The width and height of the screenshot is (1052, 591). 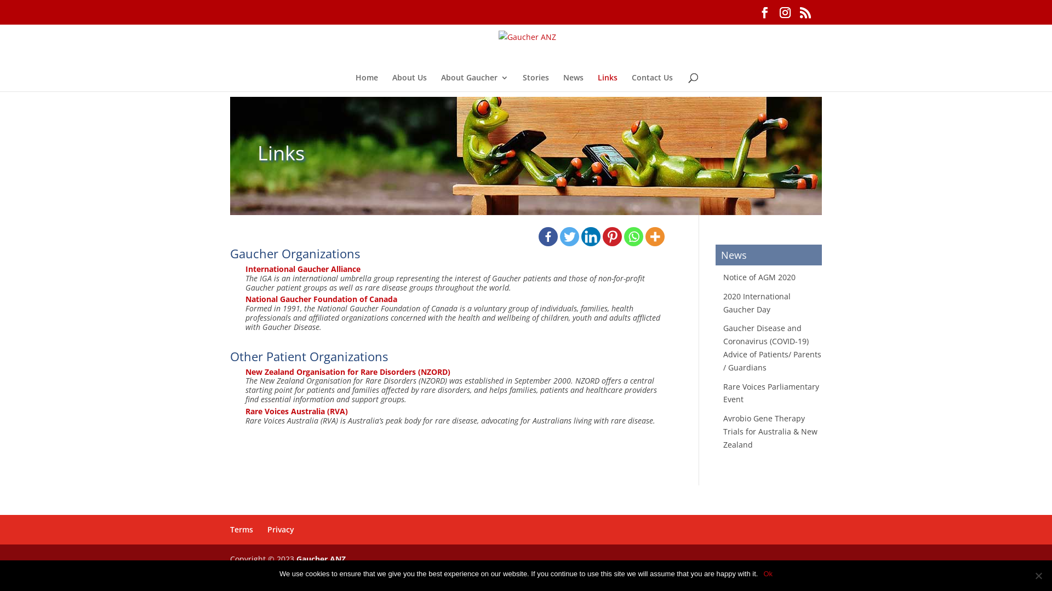 What do you see at coordinates (244, 371) in the screenshot?
I see `'New Zealand Organisation for Rare Disorders (NZORD)'` at bounding box center [244, 371].